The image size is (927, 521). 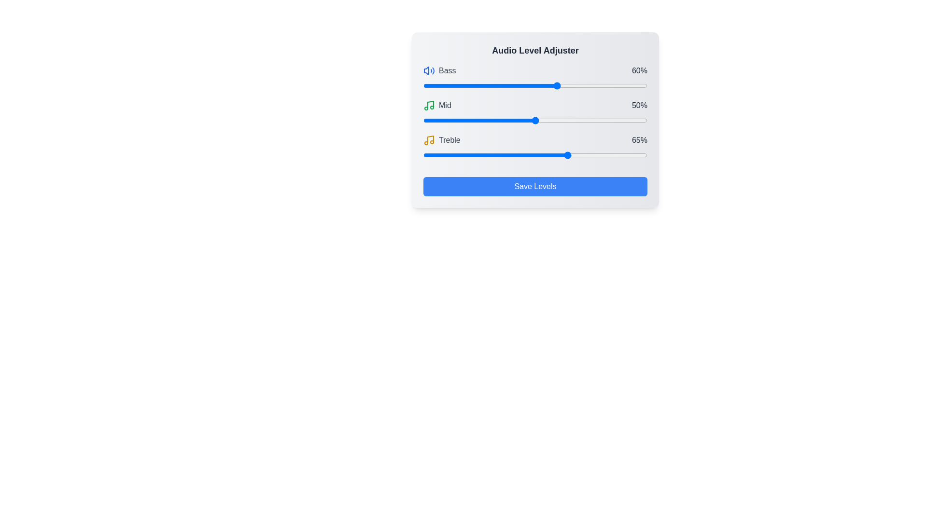 What do you see at coordinates (436, 106) in the screenshot?
I see `the Label with a green musical note icon followed by the text 'MID' in gray color, located in the second row of the 'Audio Level Adjuster' layout, between 'Bass' and 'Treble'` at bounding box center [436, 106].